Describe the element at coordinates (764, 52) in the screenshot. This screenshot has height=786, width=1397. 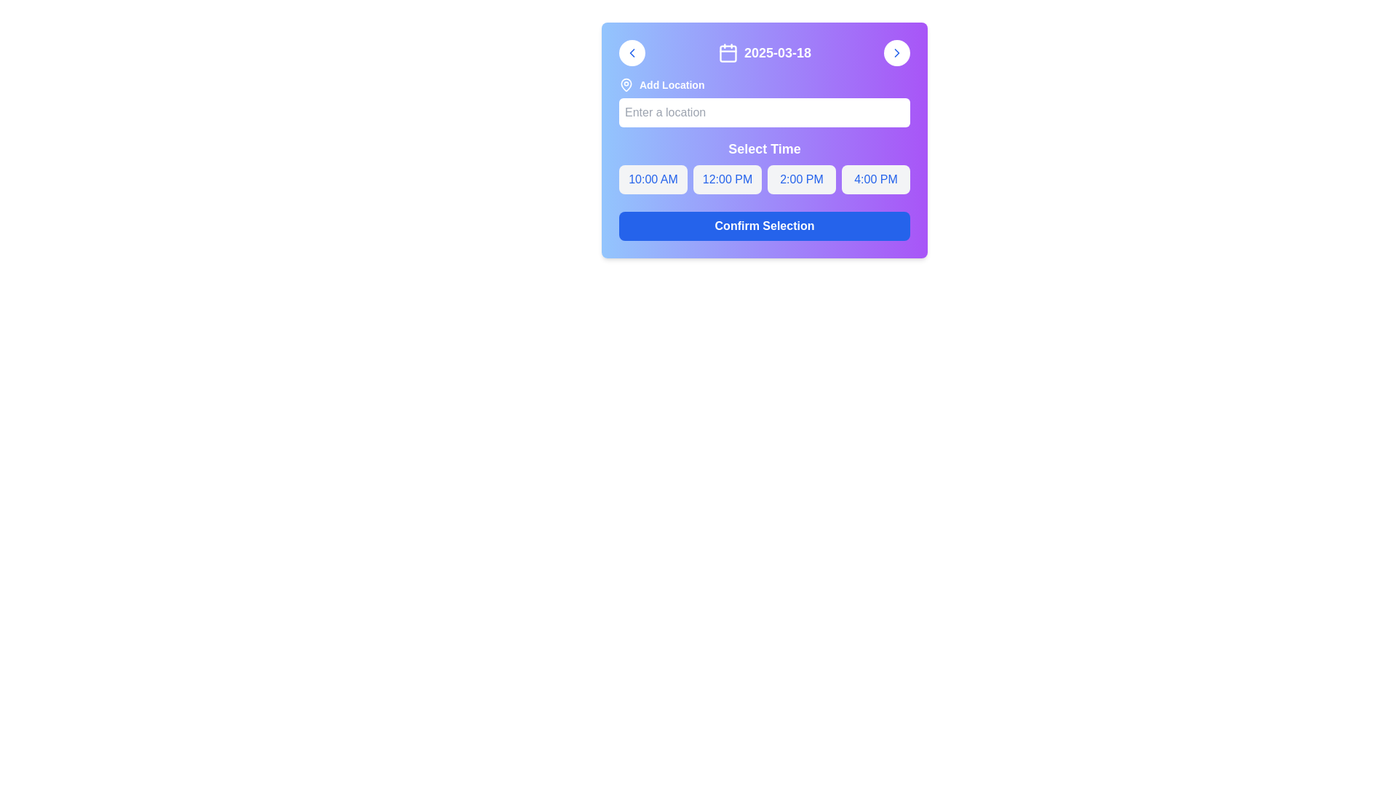
I see `date displayed as '2025-03-18' on the Date display element with an icon, which is positioned centrally at the top section of a card interface` at that location.